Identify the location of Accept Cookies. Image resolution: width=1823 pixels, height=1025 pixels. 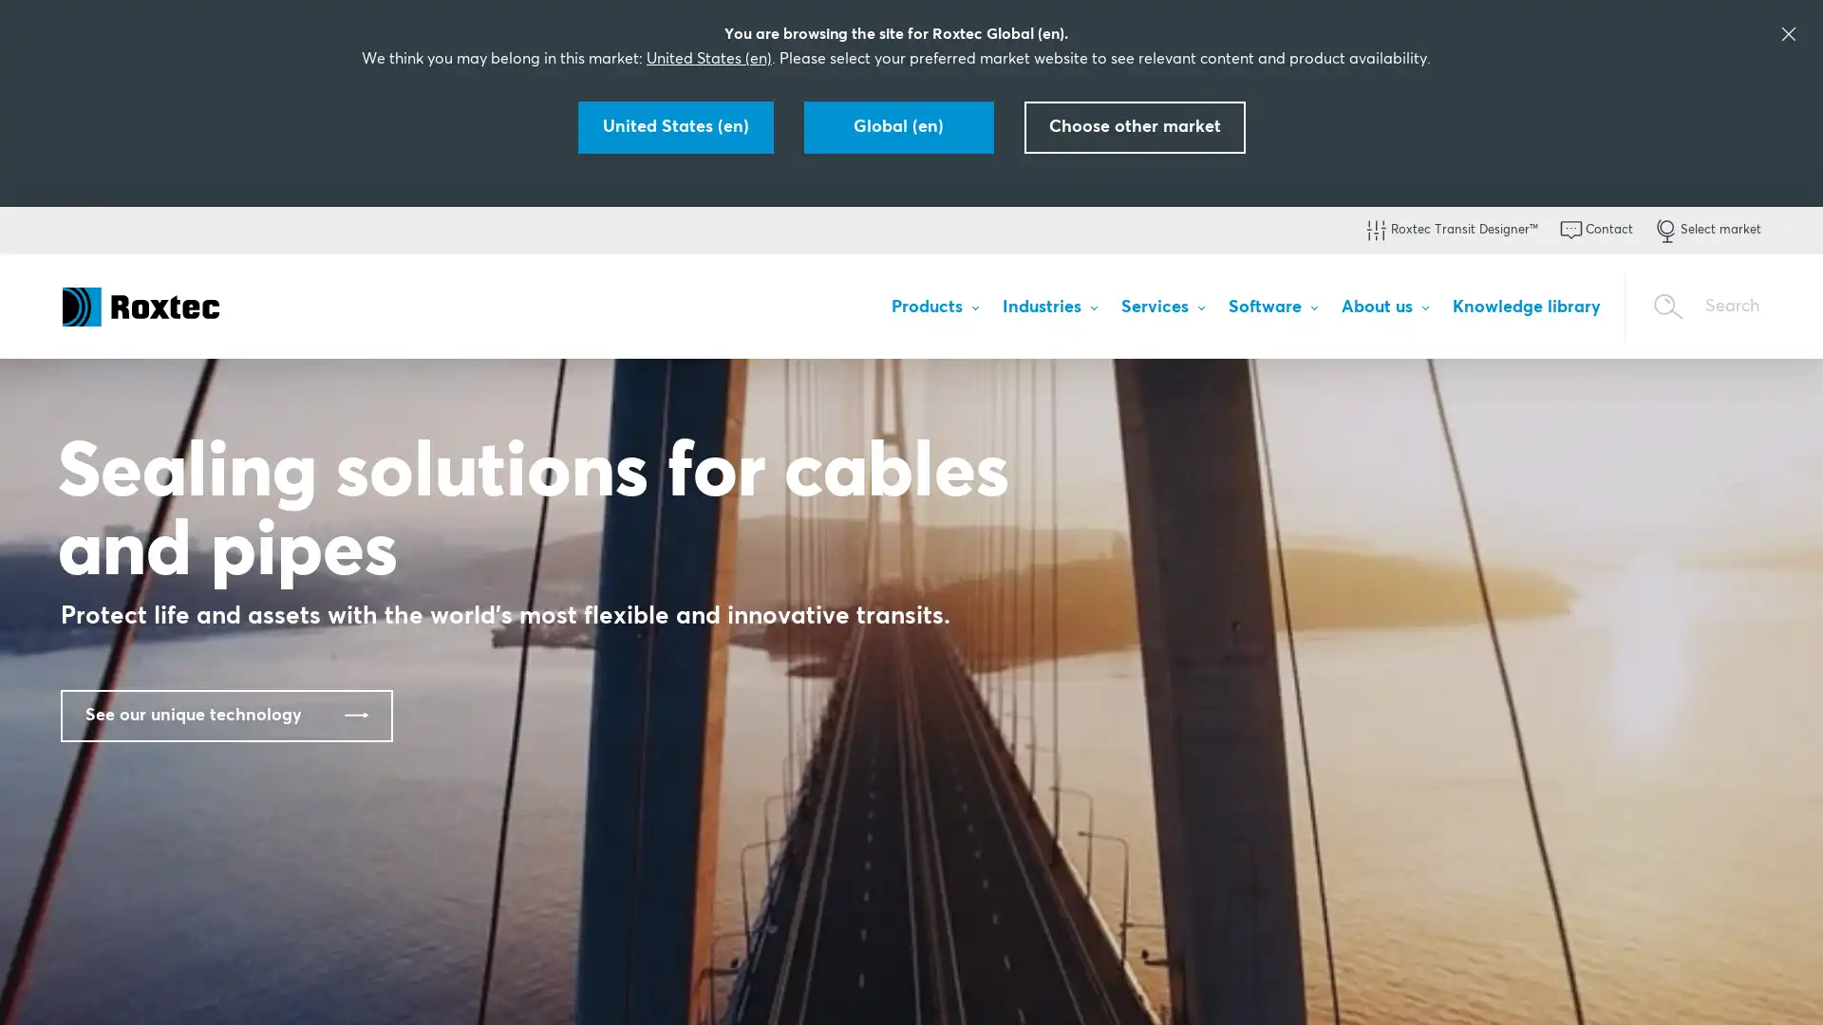
(1513, 983).